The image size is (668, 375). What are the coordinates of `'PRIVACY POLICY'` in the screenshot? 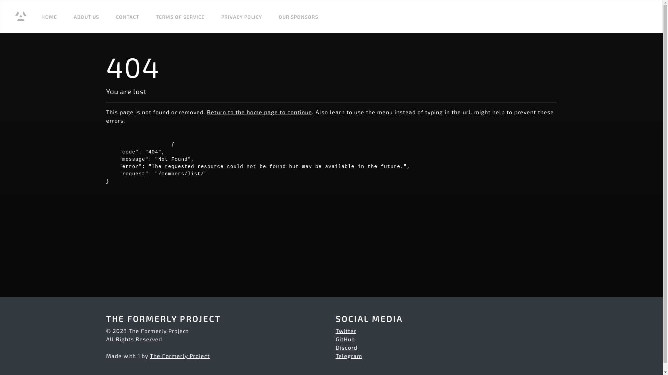 It's located at (241, 16).